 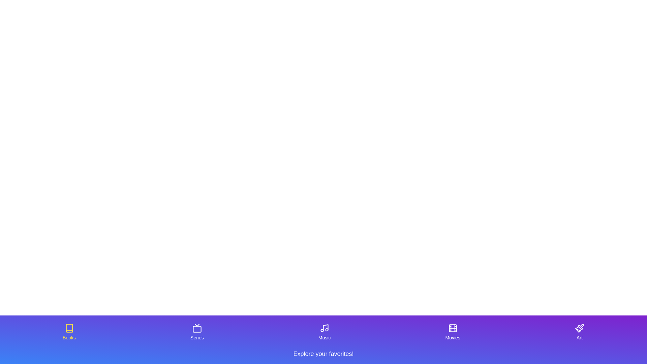 I want to click on the tab labeled Music by clicking on its corresponding icon or label, so click(x=325, y=332).